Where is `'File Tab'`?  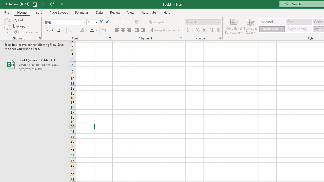 'File Tab' is located at coordinates (7, 12).